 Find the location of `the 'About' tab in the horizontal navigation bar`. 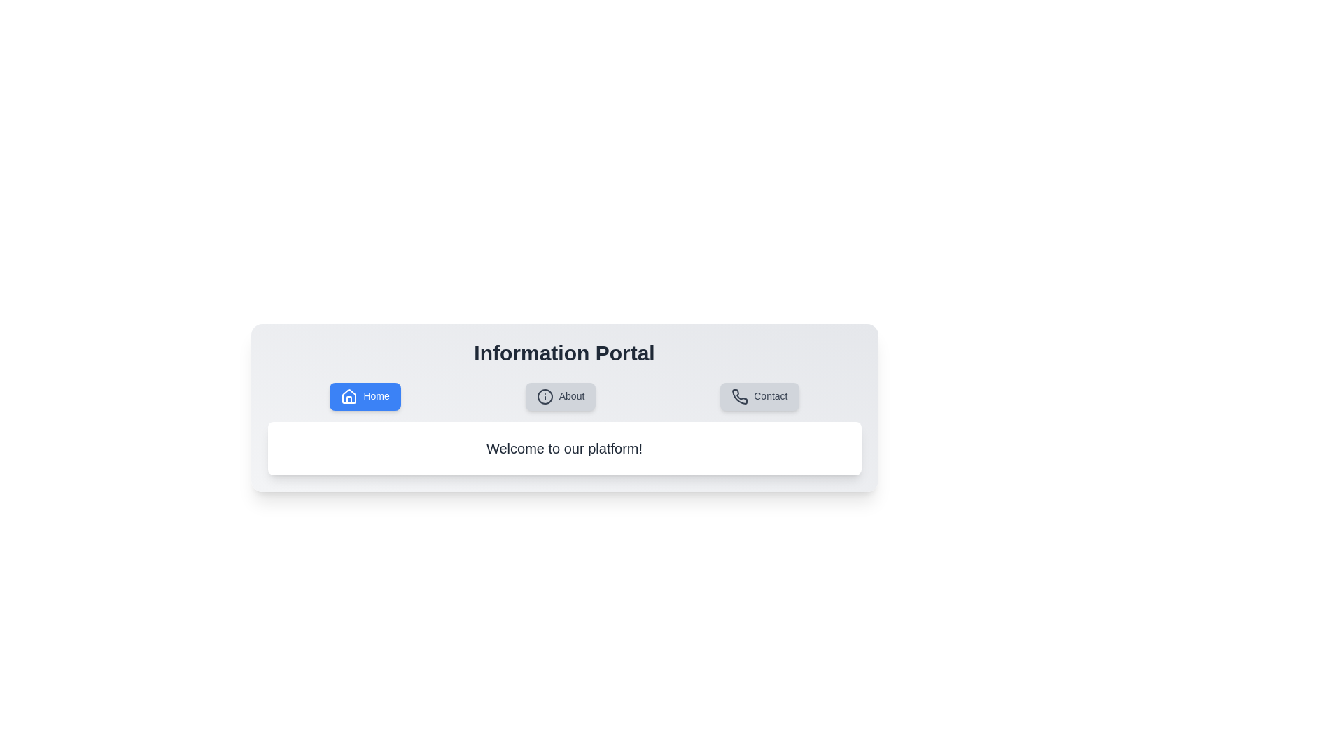

the 'About' tab in the horizontal navigation bar is located at coordinates (564, 407).